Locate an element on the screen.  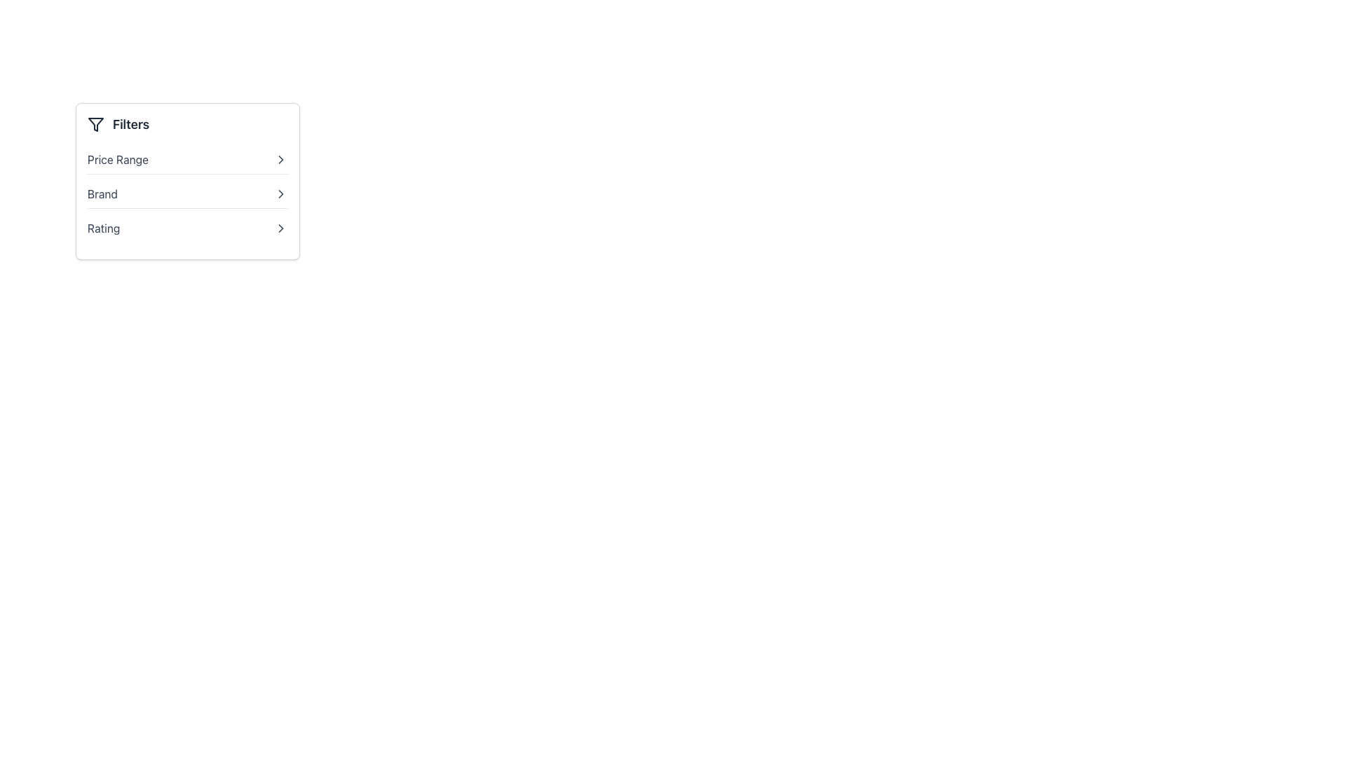
the 'Rating' text label in the filter panel is located at coordinates (103, 228).